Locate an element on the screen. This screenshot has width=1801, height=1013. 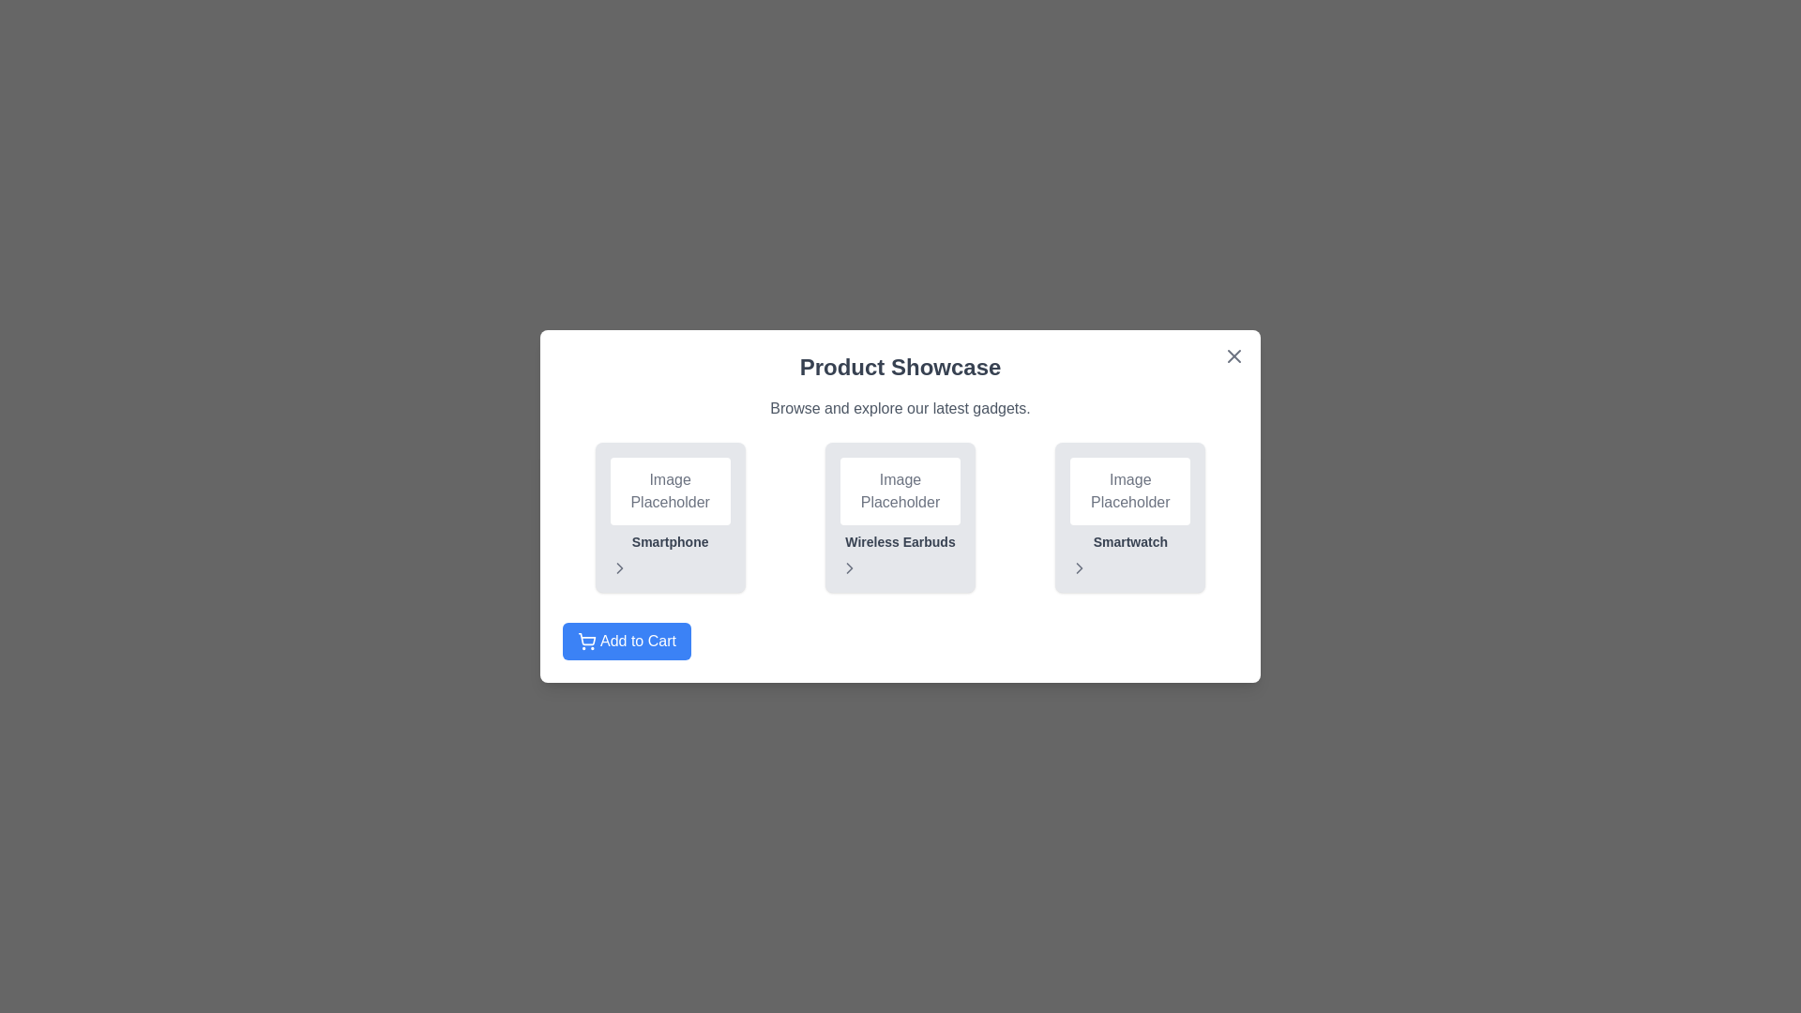
the text label displaying 'Image Placeholder' in gray font, located in the center tile below 'Product Showcase.' is located at coordinates (900, 491).